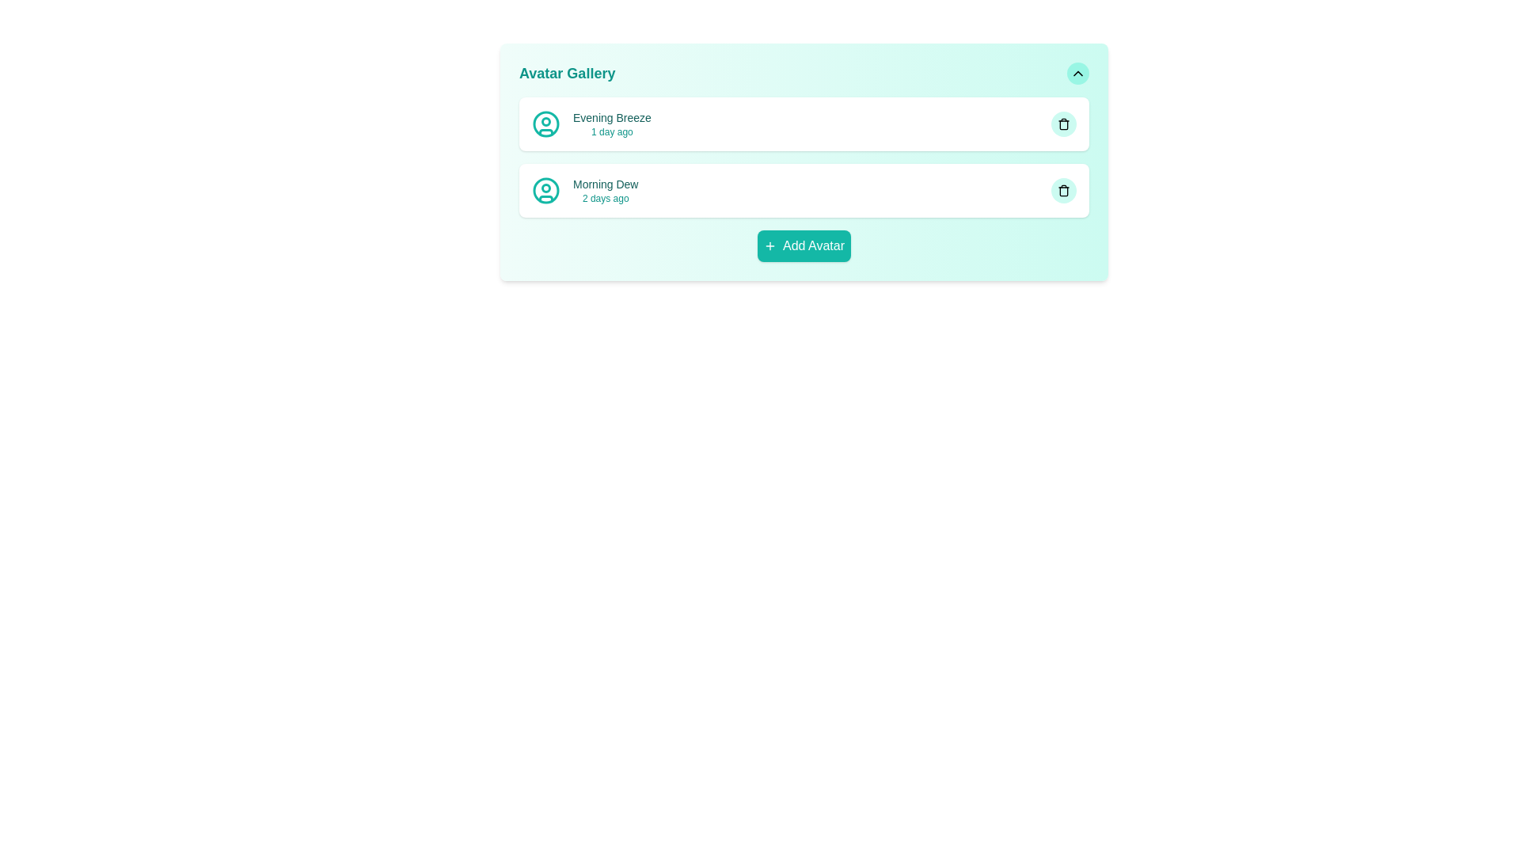  Describe the element at coordinates (591, 123) in the screenshot. I see `the first user entry in the list` at that location.